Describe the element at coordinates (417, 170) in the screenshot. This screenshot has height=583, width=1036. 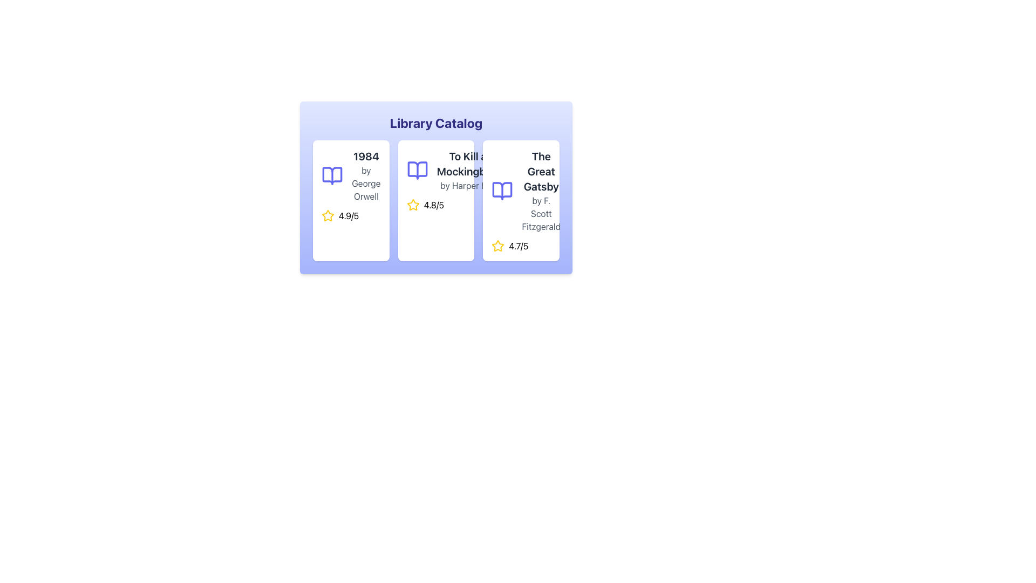
I see `the violet book icon representing 'To Kill a Mockingbird' by Harper Lee, which is located above the text content in the book listing section` at that location.